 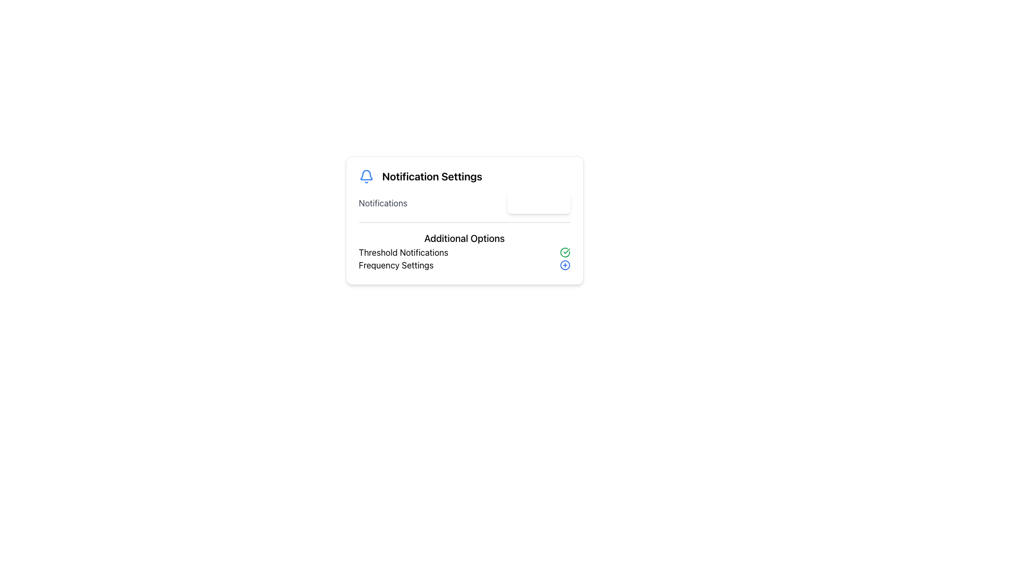 I want to click on the green circular checkmark icon located to the right of the 'Threshold Notifications' text, so click(x=564, y=252).